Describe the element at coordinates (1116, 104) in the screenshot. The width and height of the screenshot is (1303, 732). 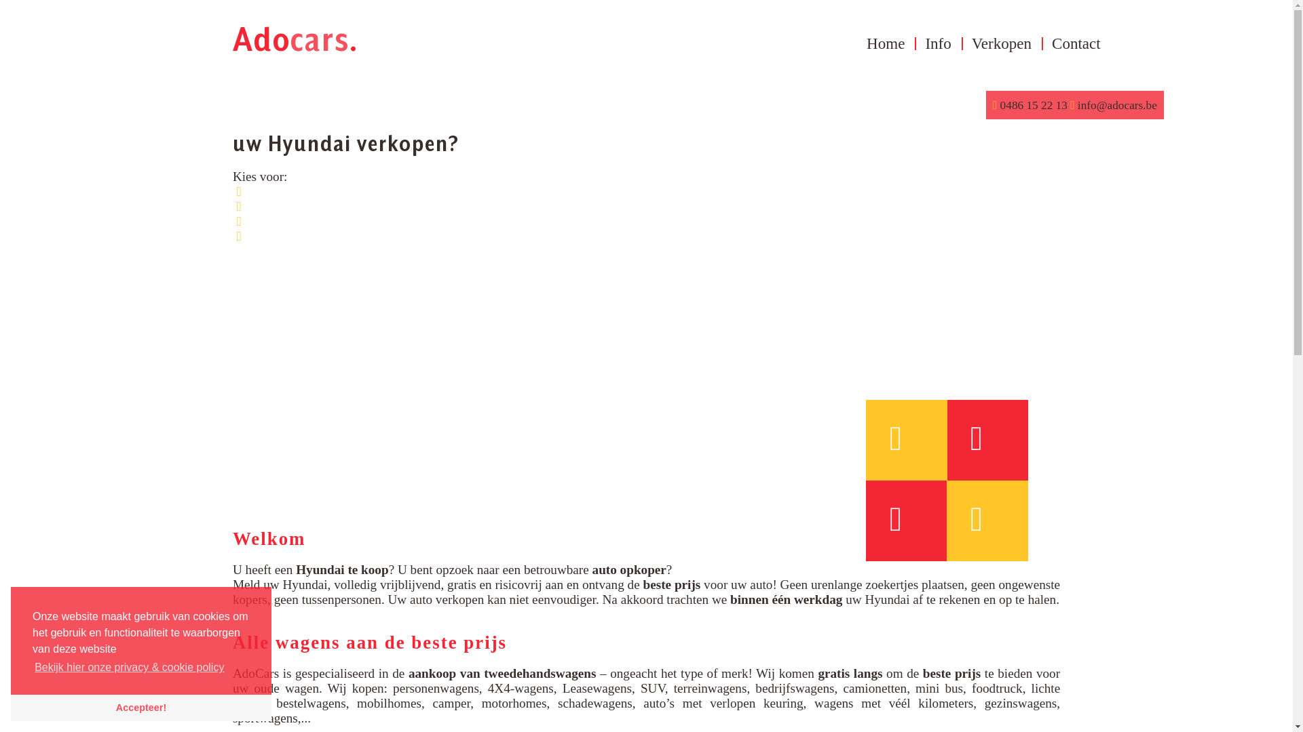
I see `'info@adocars.be'` at that location.